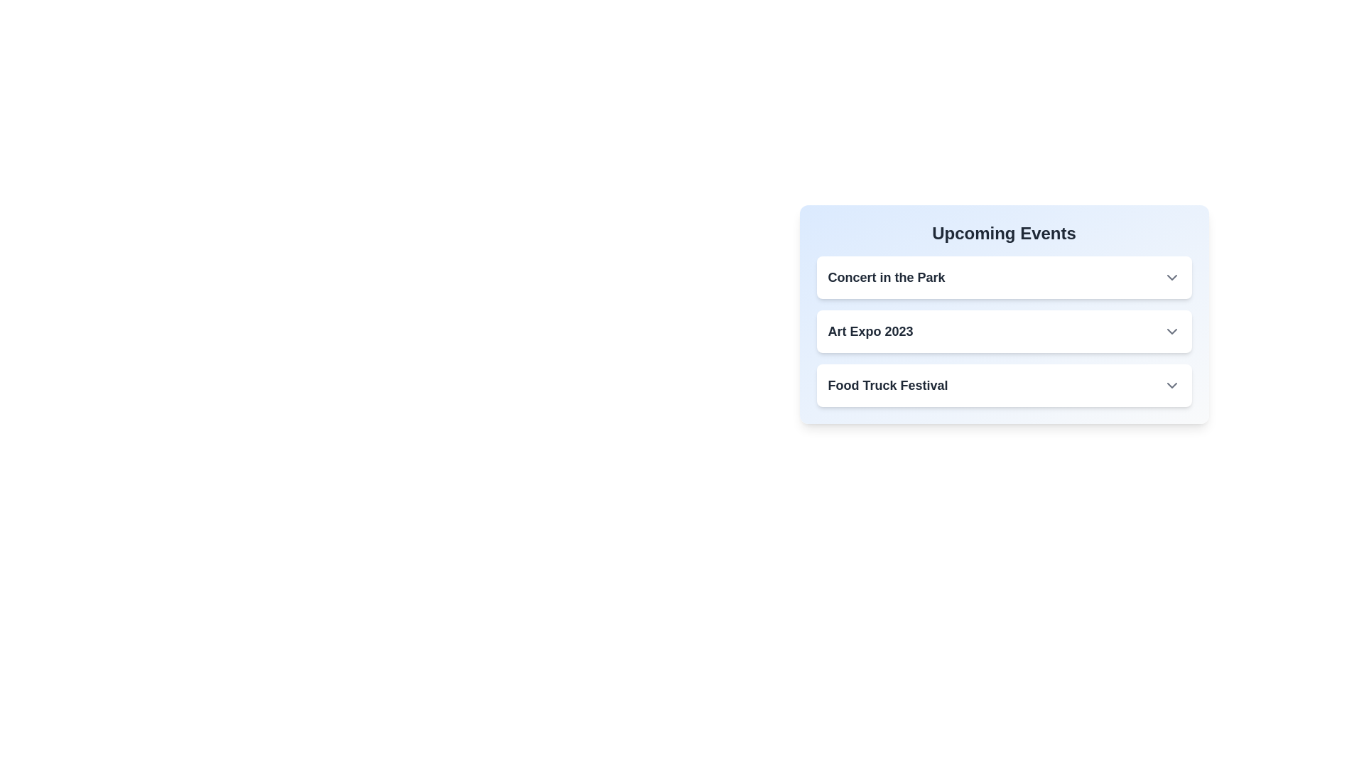 This screenshot has height=767, width=1364. I want to click on the toggle button for Art Expo 2023 to expand or collapse its details, so click(1171, 331).